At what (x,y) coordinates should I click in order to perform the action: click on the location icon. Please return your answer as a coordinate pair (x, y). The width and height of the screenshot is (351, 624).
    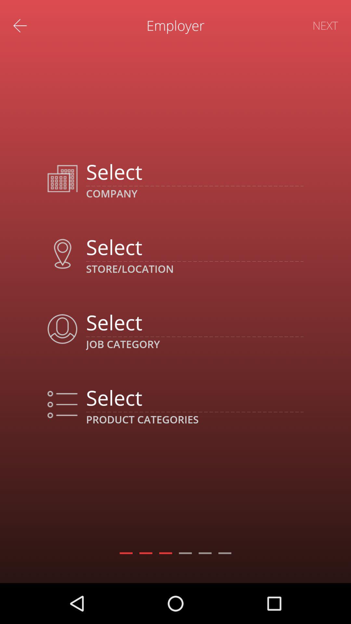
    Looking at the image, I should click on (62, 253).